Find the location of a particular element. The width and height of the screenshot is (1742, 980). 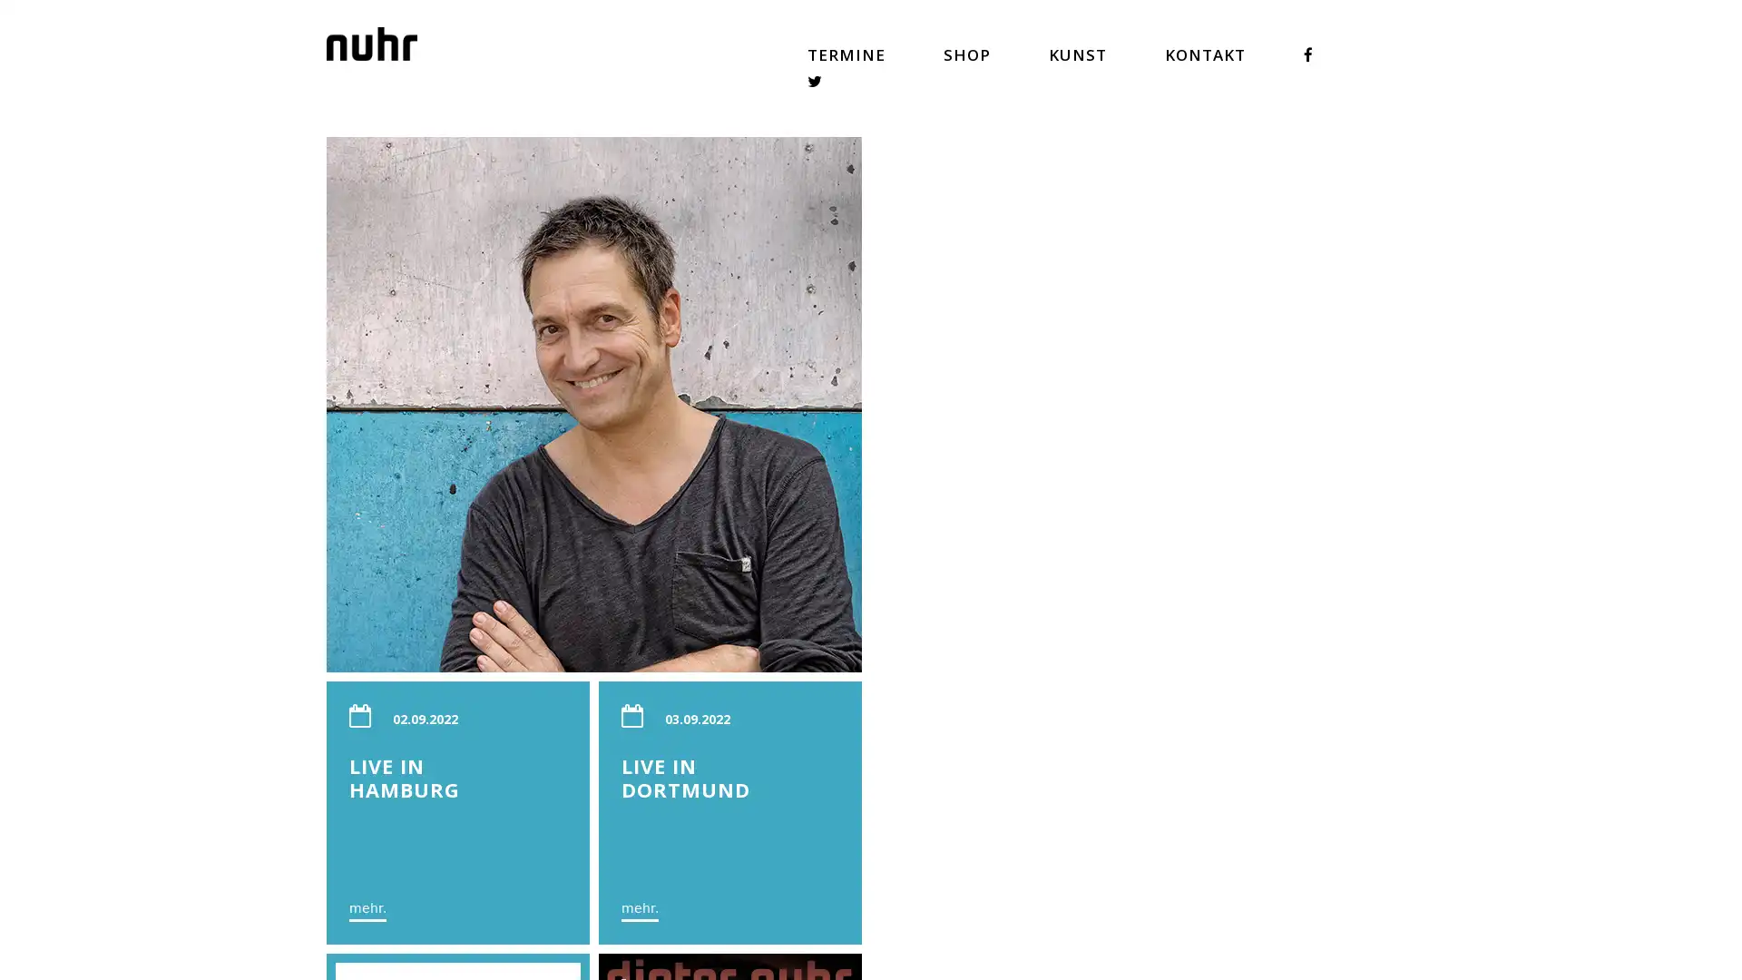

mehr. is located at coordinates (912, 367).